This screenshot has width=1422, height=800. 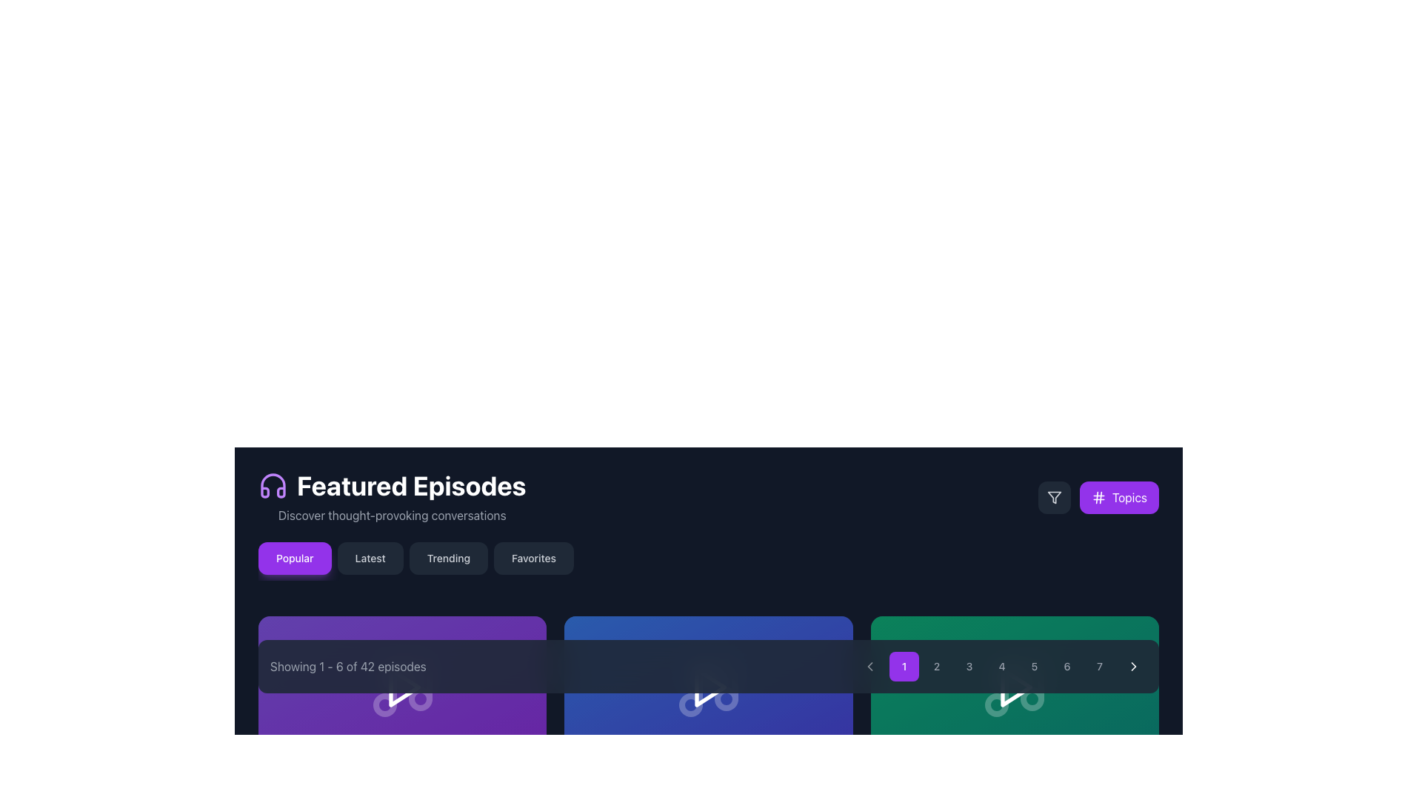 I want to click on the left-pointing triangular arrow icon located within the navigation bar's pagination section, so click(x=870, y=665).